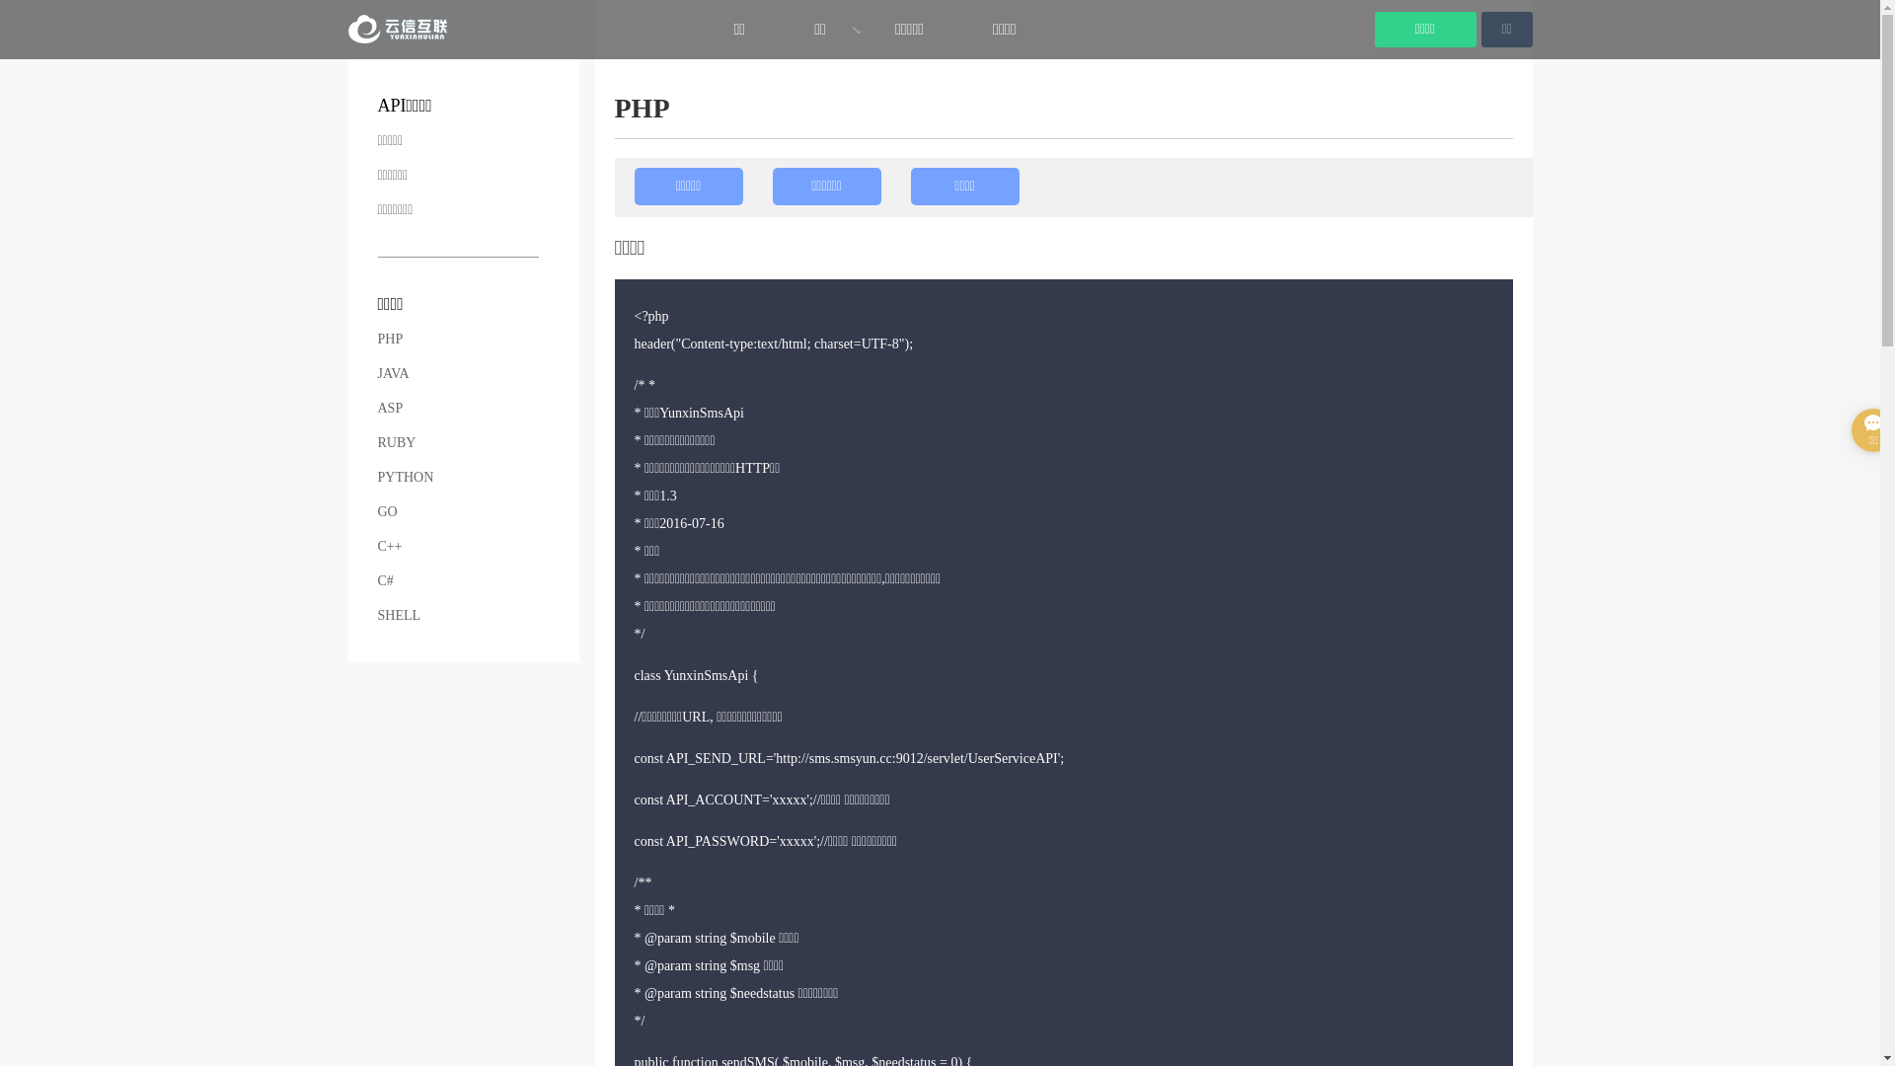 This screenshot has width=1895, height=1066. I want to click on 'C#', so click(384, 579).